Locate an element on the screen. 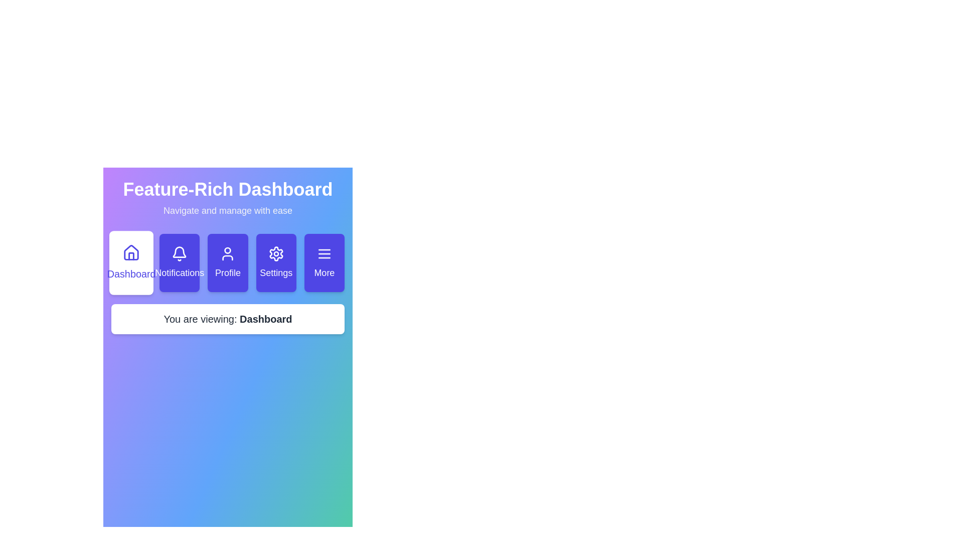 Image resolution: width=963 pixels, height=542 pixels. the notifications button, which is the second button from the left in the navigation bar is located at coordinates (180, 262).